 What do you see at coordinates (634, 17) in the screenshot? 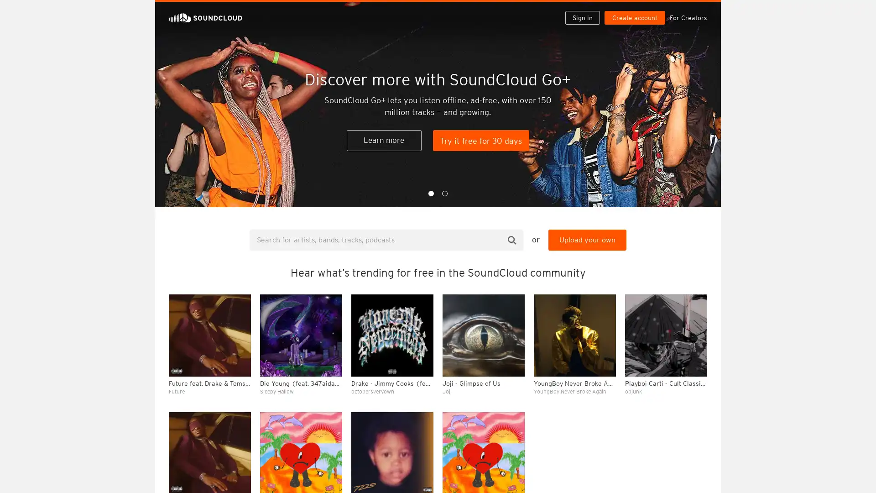
I see `Create a SoundCloud account` at bounding box center [634, 17].